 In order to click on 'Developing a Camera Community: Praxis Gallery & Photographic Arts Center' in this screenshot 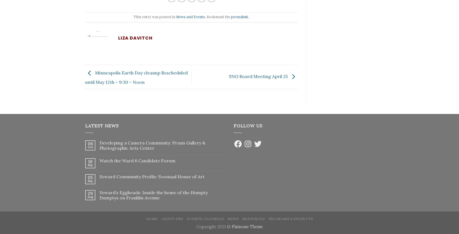, I will do `click(152, 145)`.